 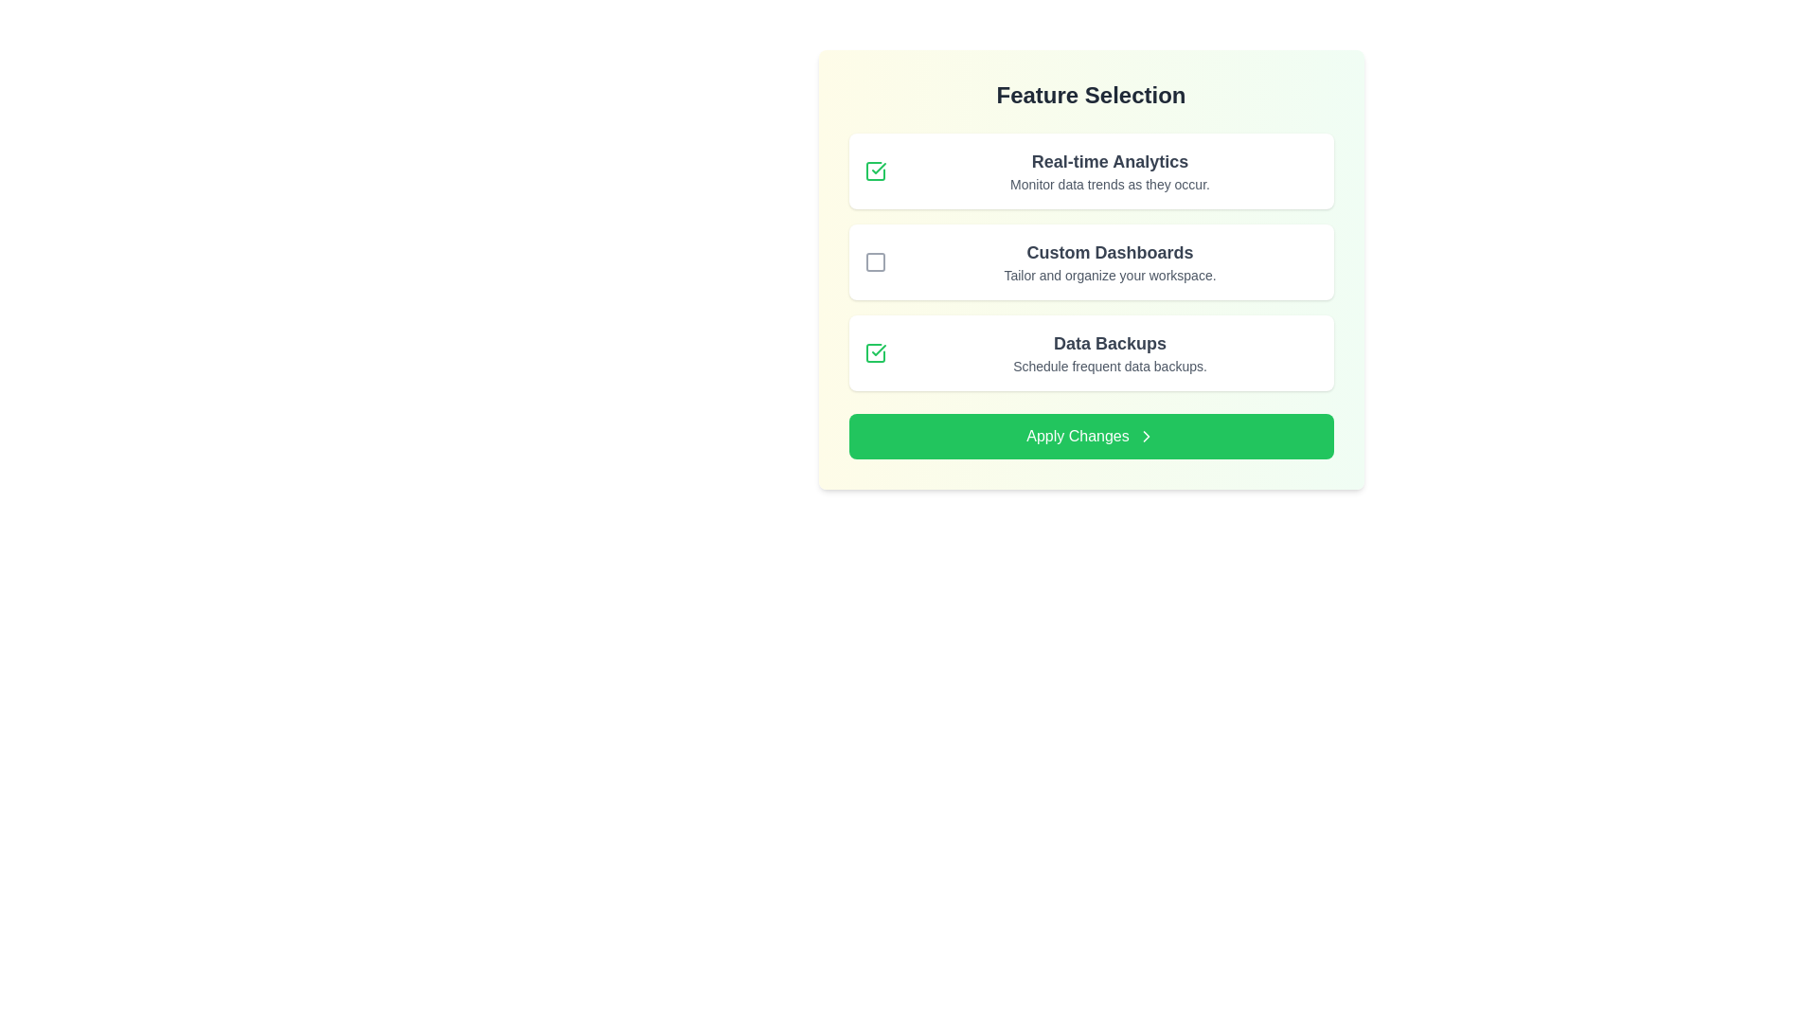 I want to click on the selection state of the 'Data Backups' feature icon located in the third feature row under the 'Feature Selection' section, so click(x=877, y=167).